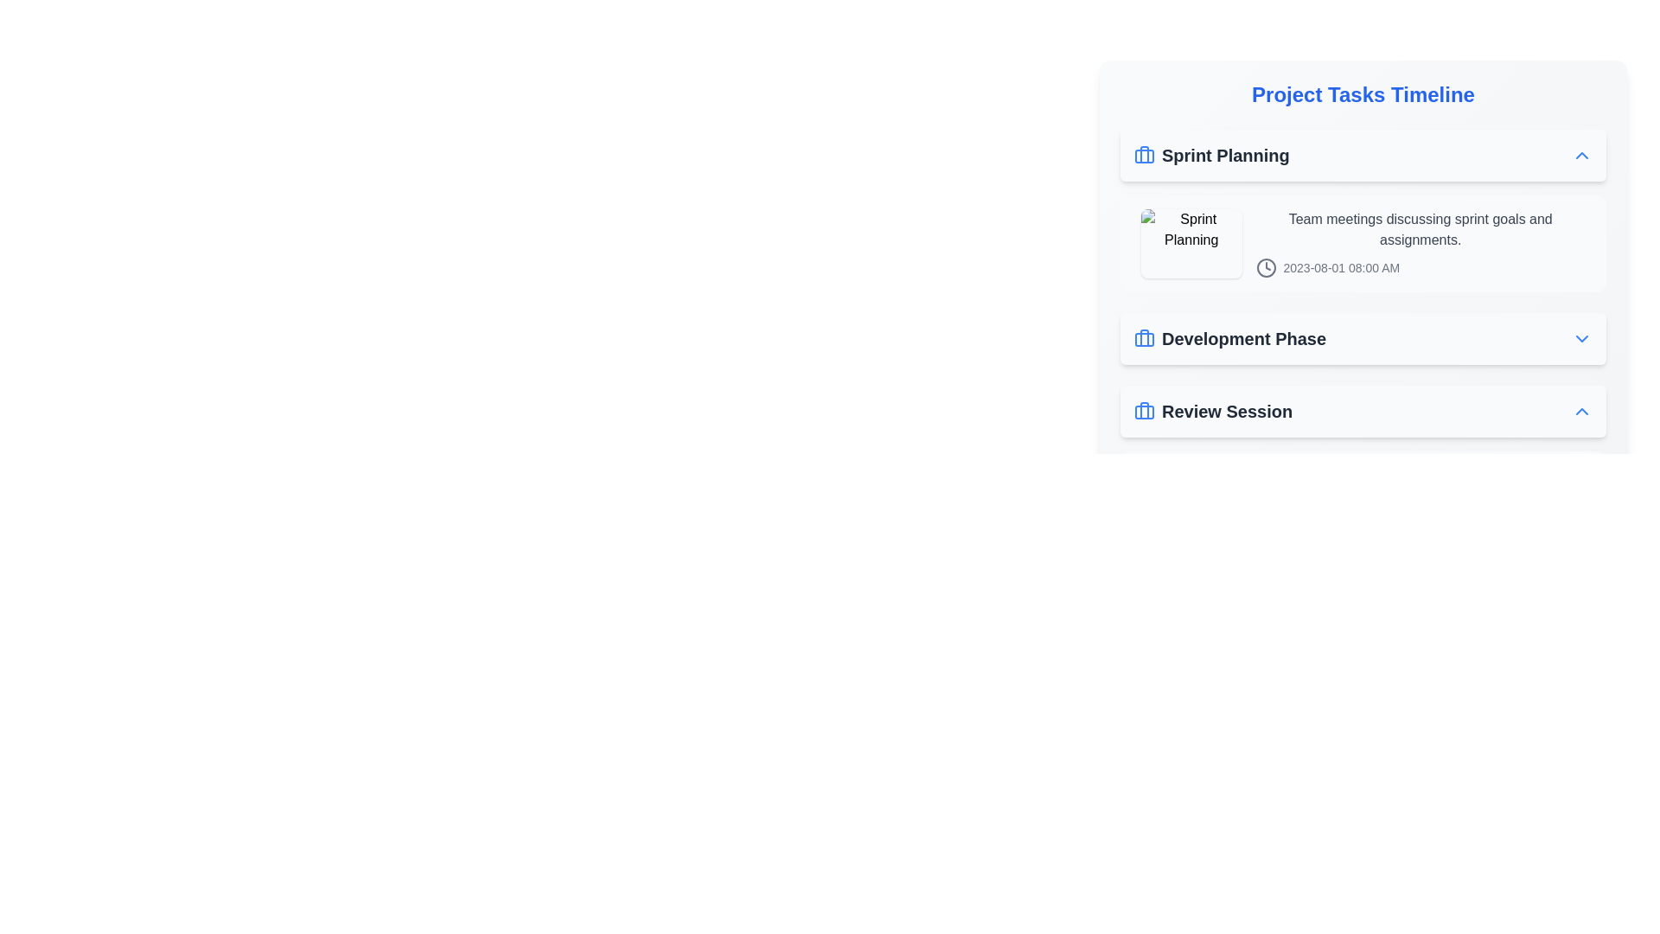 Image resolution: width=1660 pixels, height=934 pixels. Describe the element at coordinates (1224, 156) in the screenshot. I see `the text label displaying 'Sprint Planning', which is prominently styled in a large, bold font and located under the 'Project Tasks Timeline' section` at that location.